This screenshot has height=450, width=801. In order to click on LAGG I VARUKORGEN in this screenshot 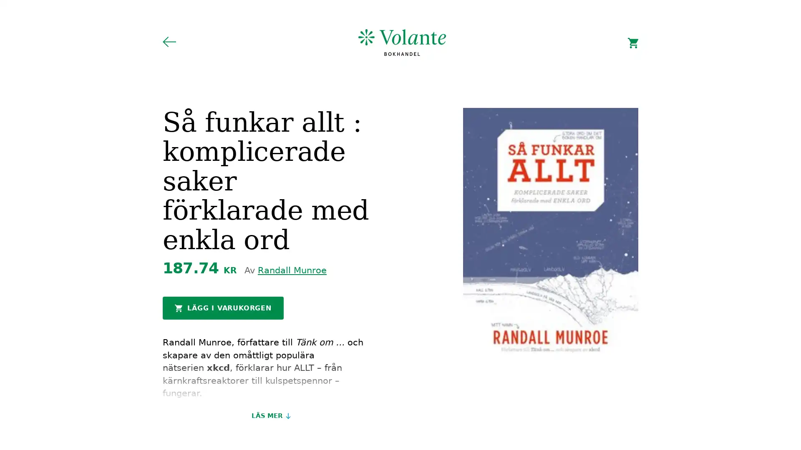, I will do `click(223, 308)`.